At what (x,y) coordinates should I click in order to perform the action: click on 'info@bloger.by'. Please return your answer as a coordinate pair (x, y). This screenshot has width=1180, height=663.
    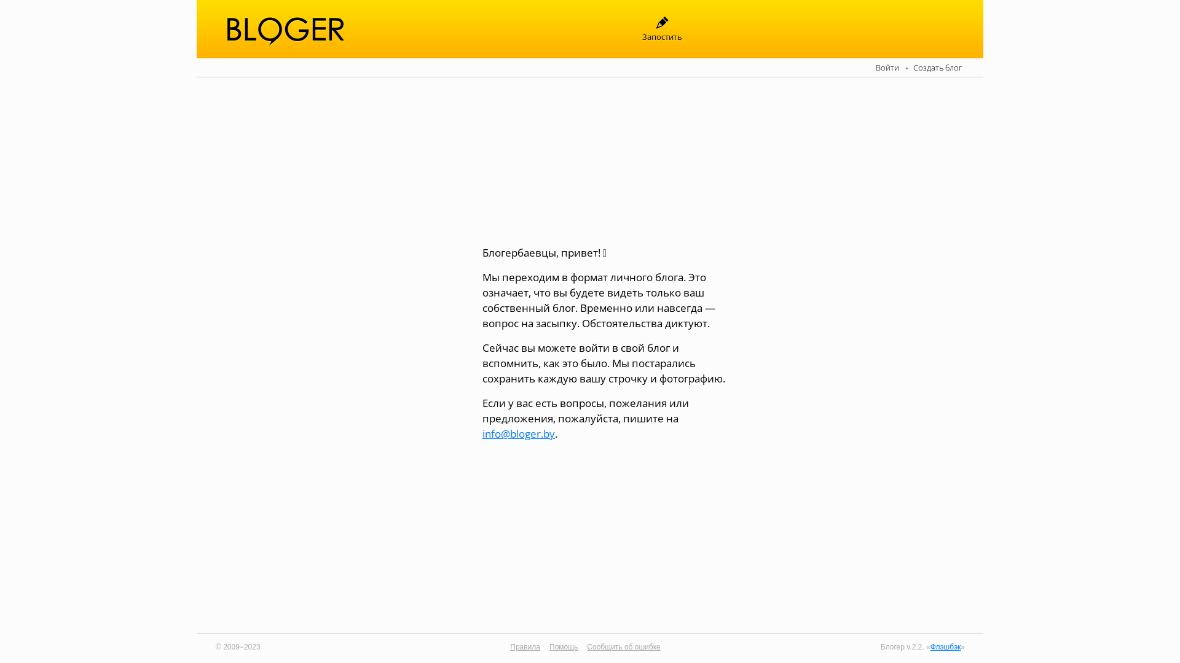
    Looking at the image, I should click on (519, 432).